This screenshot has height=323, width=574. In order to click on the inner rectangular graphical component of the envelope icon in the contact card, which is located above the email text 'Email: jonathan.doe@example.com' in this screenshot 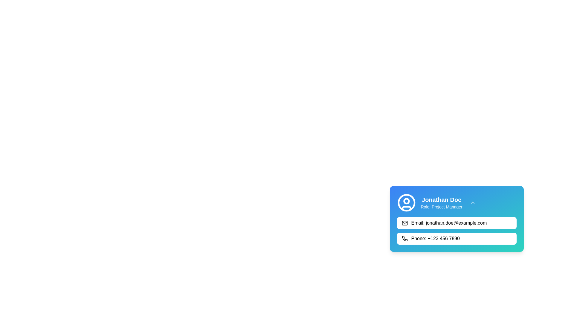, I will do `click(404, 223)`.